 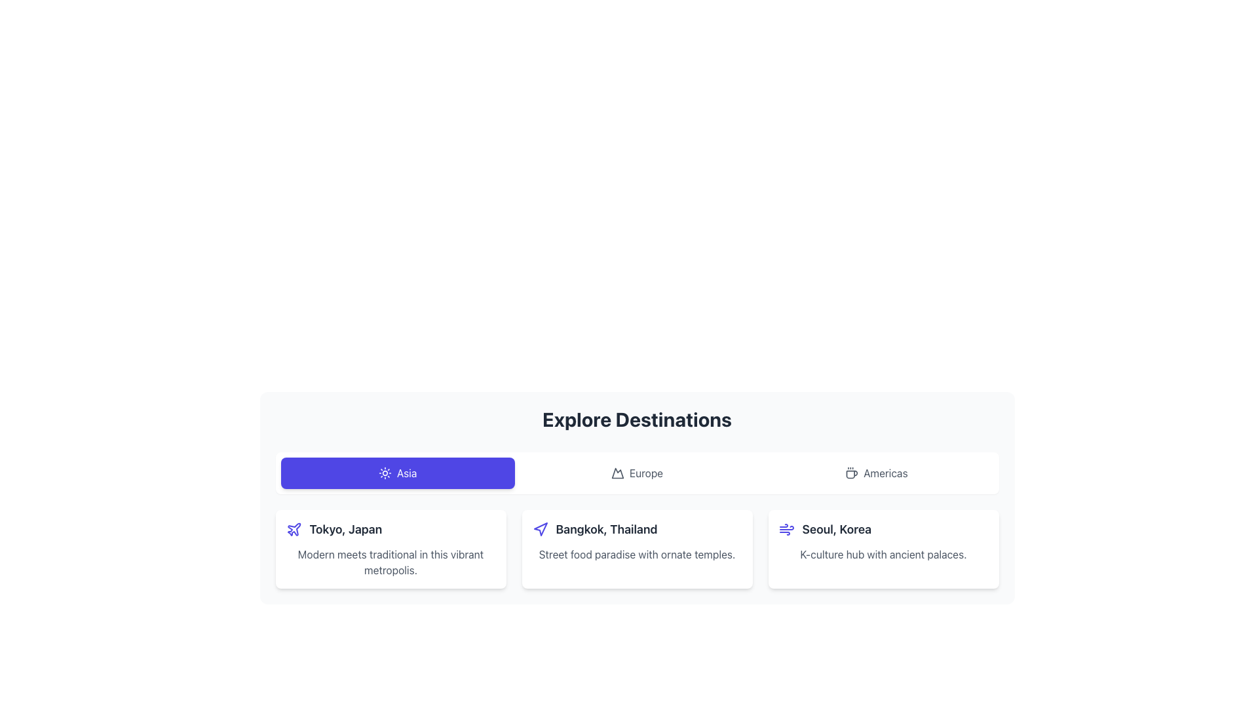 I want to click on the static text element that provides a brief description about the destination Tokyo, Japan, located at the bottom of the card in the first column of a three-column layout, so click(x=390, y=561).